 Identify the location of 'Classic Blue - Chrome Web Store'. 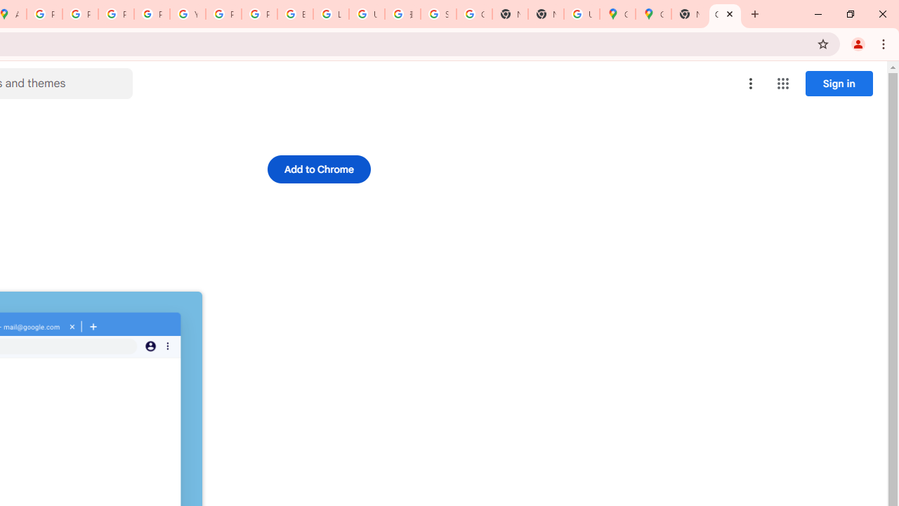
(725, 14).